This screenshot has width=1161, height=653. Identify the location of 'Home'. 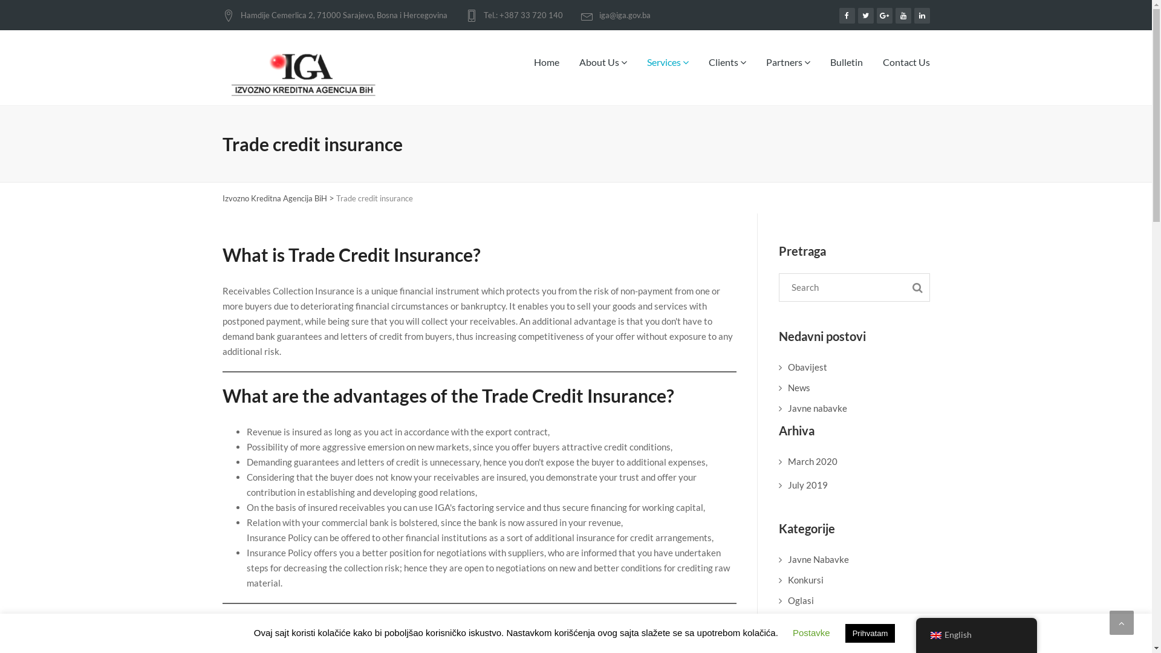
(545, 71).